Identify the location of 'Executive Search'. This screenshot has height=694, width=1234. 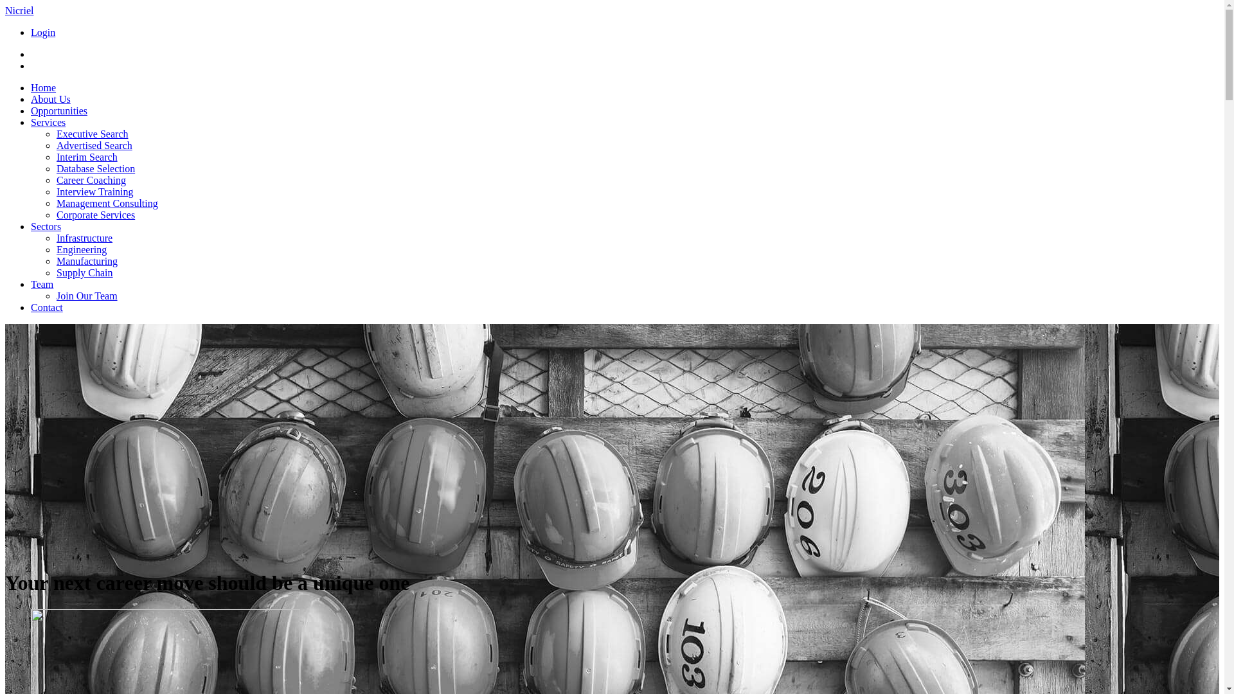
(92, 134).